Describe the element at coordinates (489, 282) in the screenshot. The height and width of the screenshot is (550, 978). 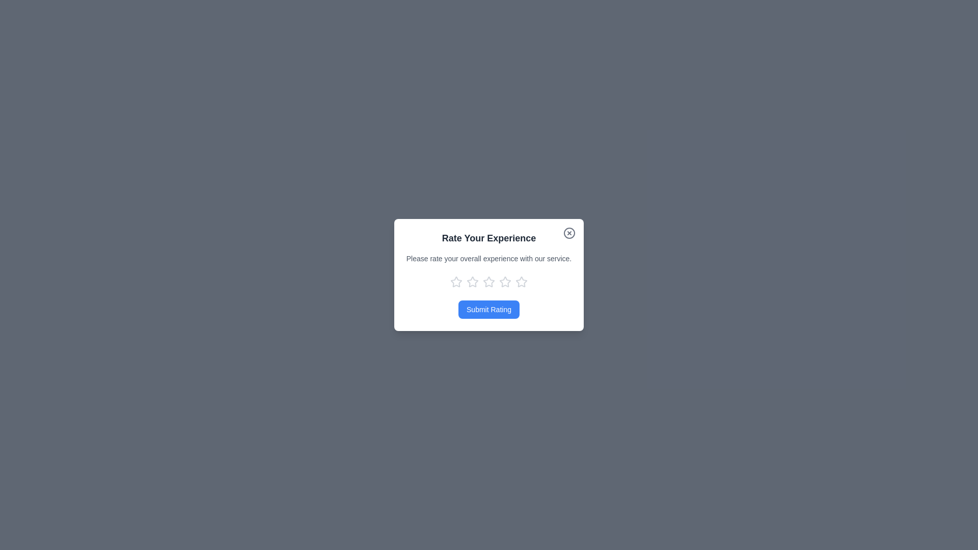
I see `the star corresponding to the rating 3 to provide a rating` at that location.